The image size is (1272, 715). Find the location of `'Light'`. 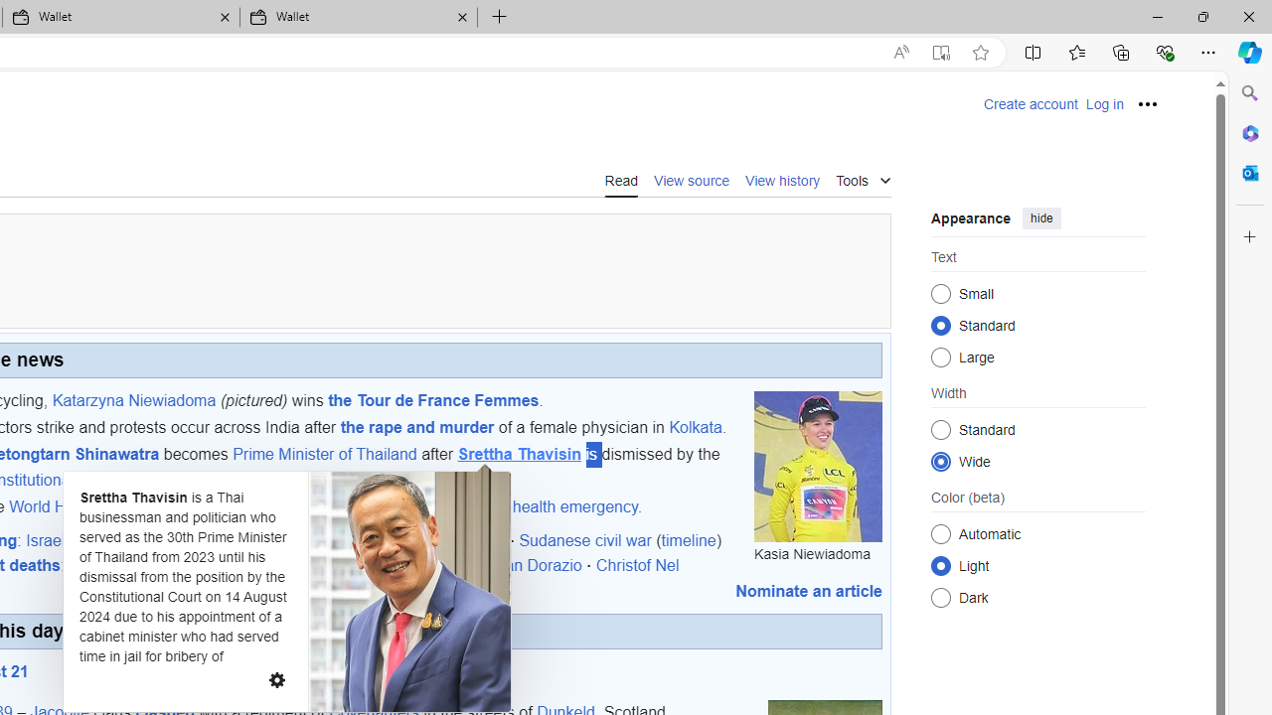

'Light' is located at coordinates (940, 565).